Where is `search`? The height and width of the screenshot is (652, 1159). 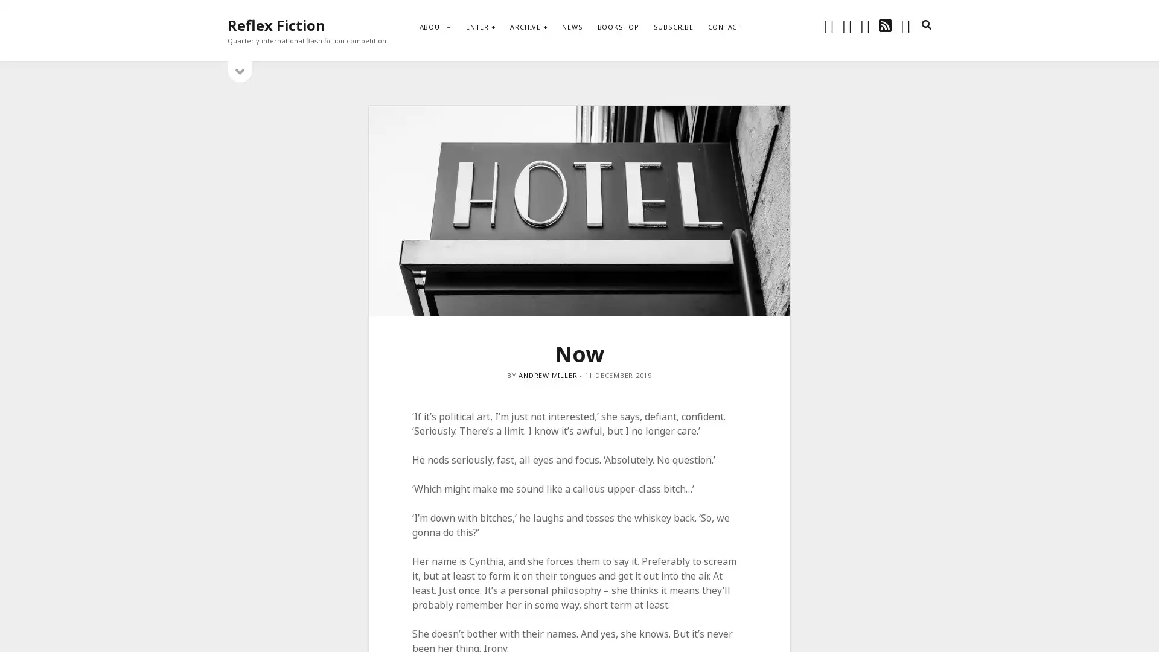 search is located at coordinates (926, 25).